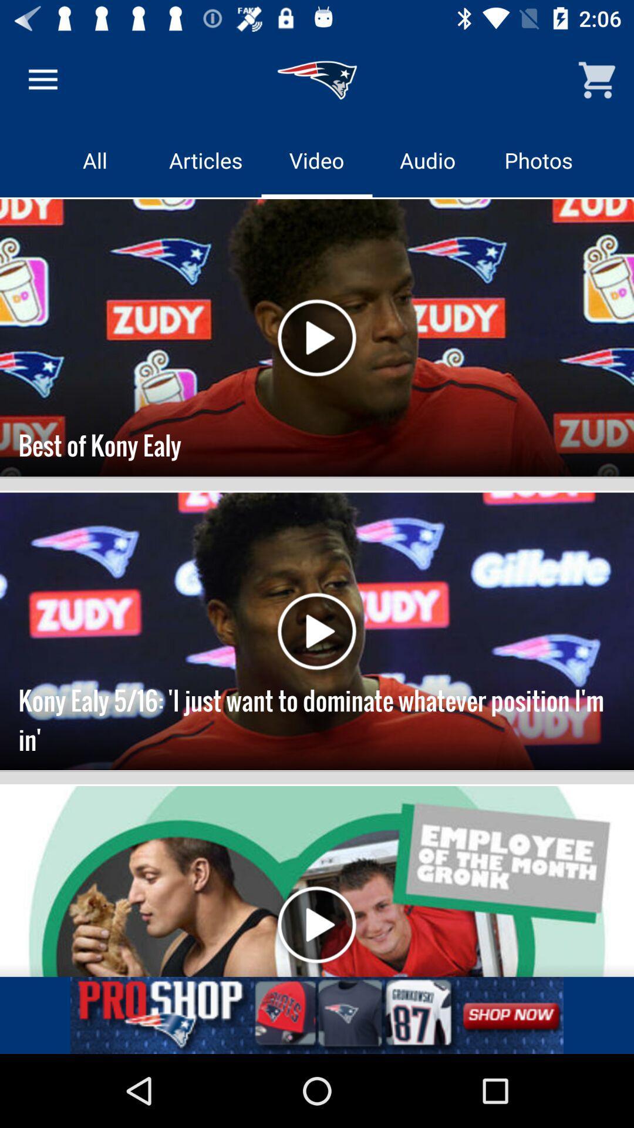 The width and height of the screenshot is (634, 1128). What do you see at coordinates (317, 1015) in the screenshot?
I see `shopping the product` at bounding box center [317, 1015].